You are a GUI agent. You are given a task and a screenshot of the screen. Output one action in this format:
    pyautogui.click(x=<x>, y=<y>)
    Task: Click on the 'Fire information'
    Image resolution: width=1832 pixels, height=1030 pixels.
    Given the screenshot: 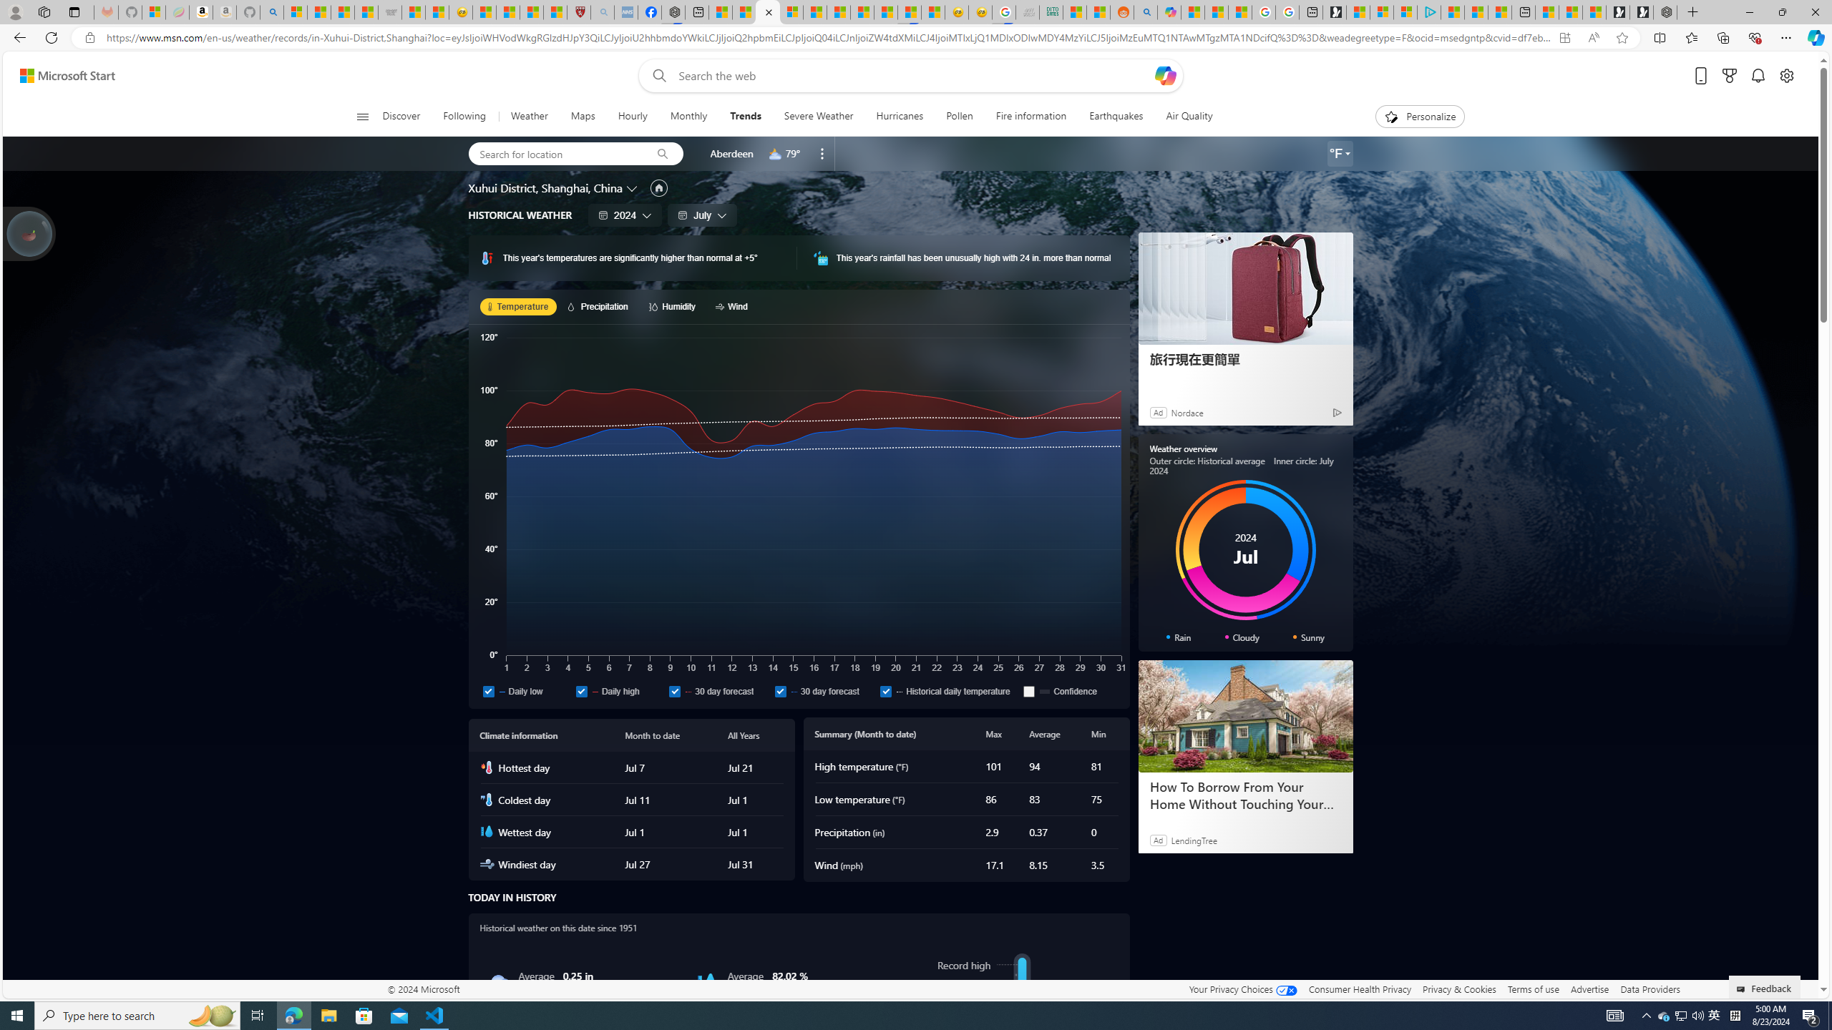 What is the action you would take?
    pyautogui.click(x=1030, y=116)
    